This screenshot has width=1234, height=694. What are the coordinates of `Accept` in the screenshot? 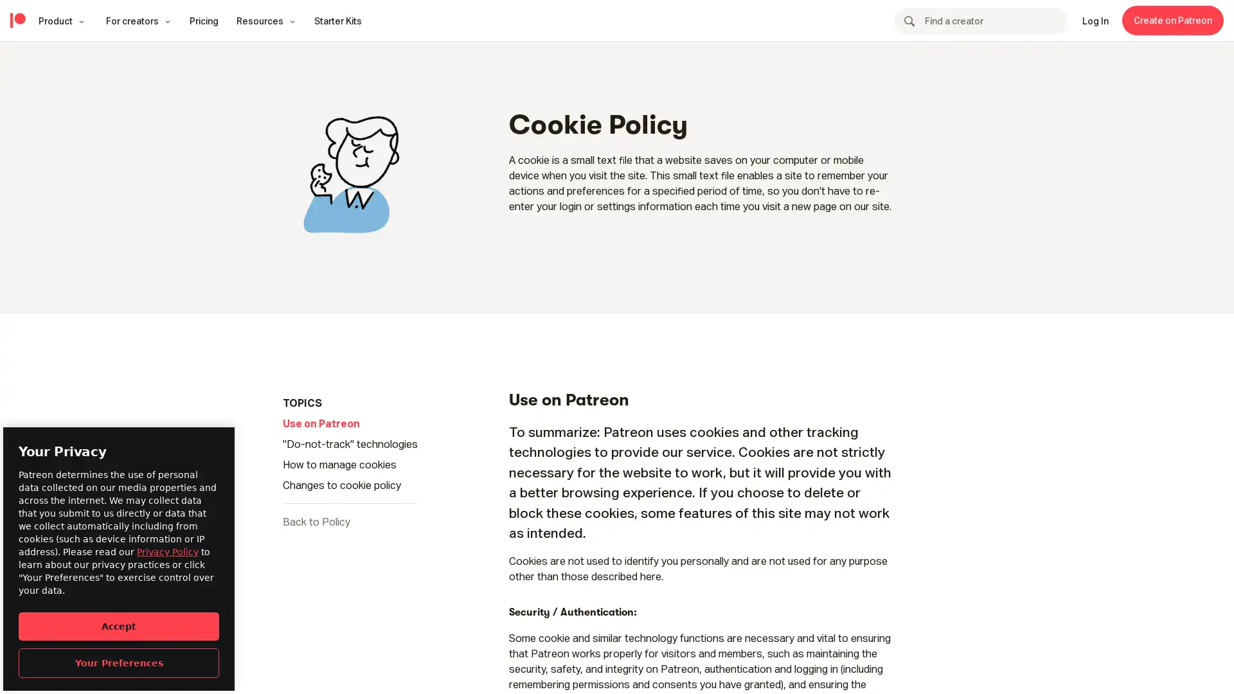 It's located at (119, 625).